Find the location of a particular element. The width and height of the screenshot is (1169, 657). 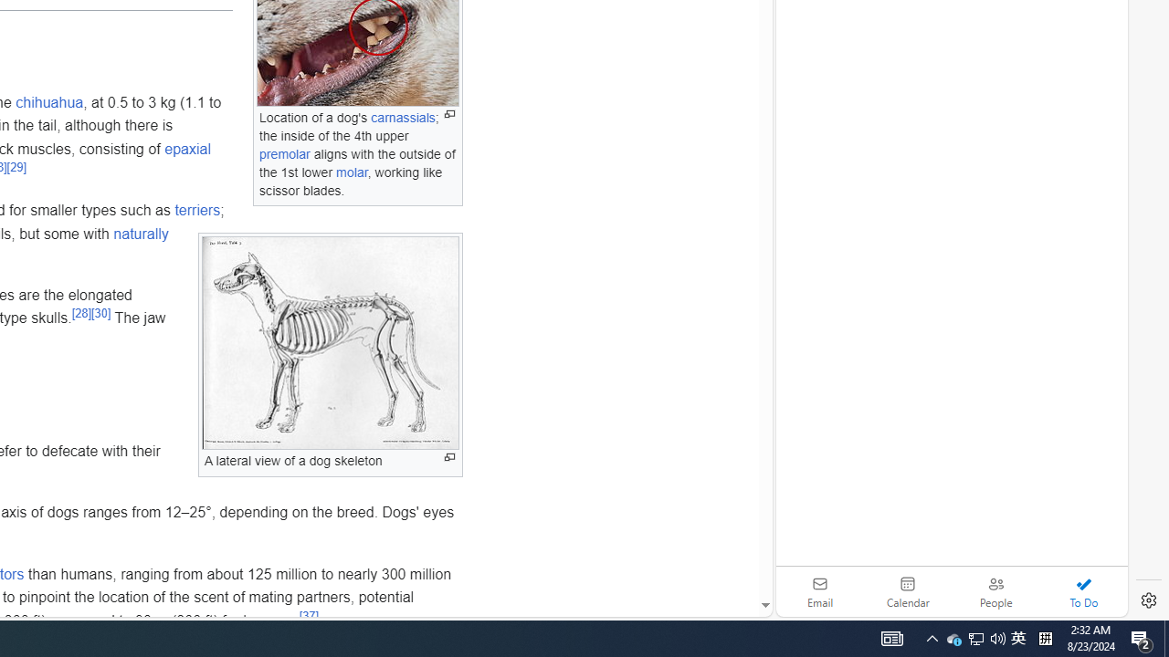

'To Do' is located at coordinates (1083, 591).